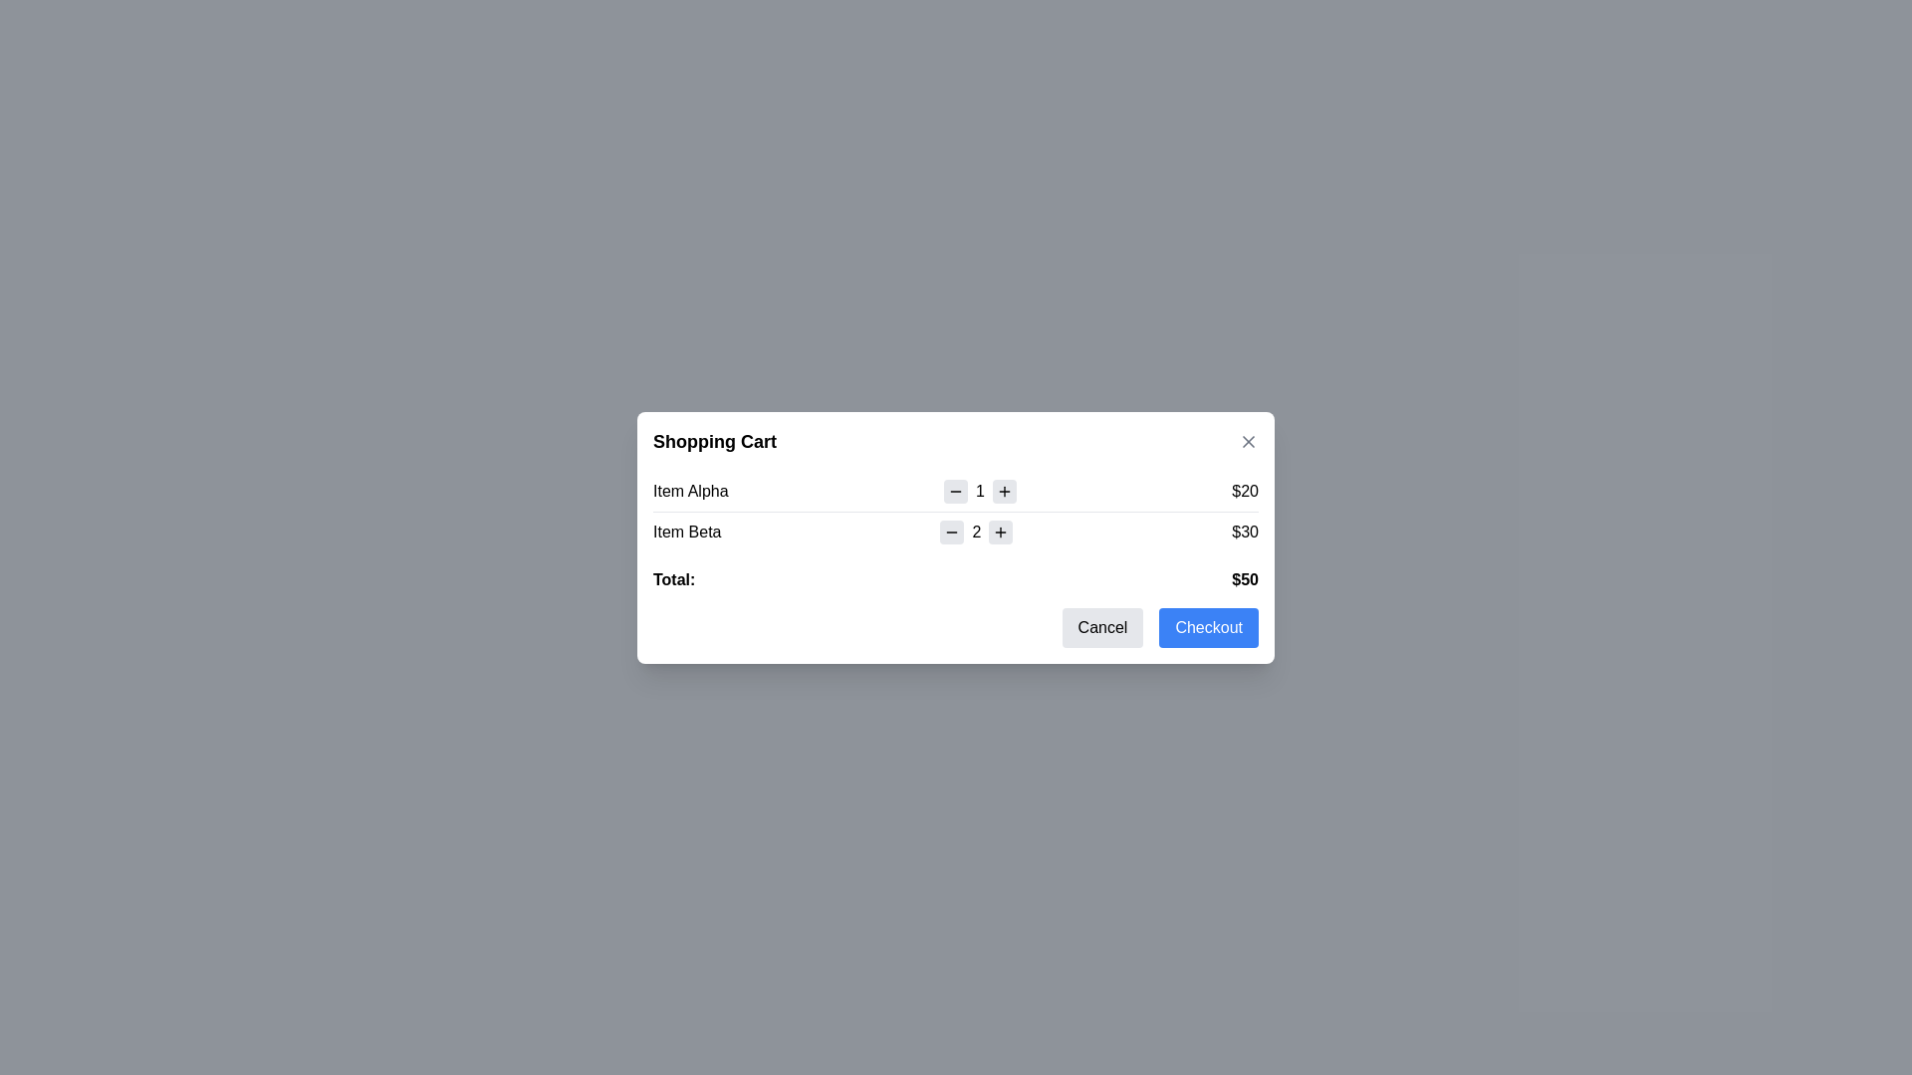  What do you see at coordinates (715, 440) in the screenshot?
I see `text of the header element located in the upper-left corner of the shopping cart interface, which serves as the title for the content below` at bounding box center [715, 440].